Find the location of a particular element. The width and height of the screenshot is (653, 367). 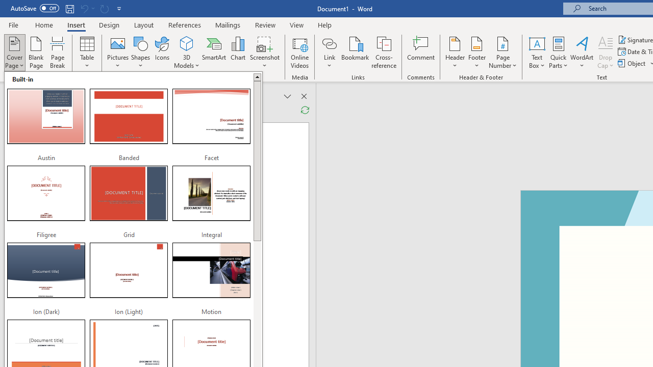

'Blank Page' is located at coordinates (36, 53).